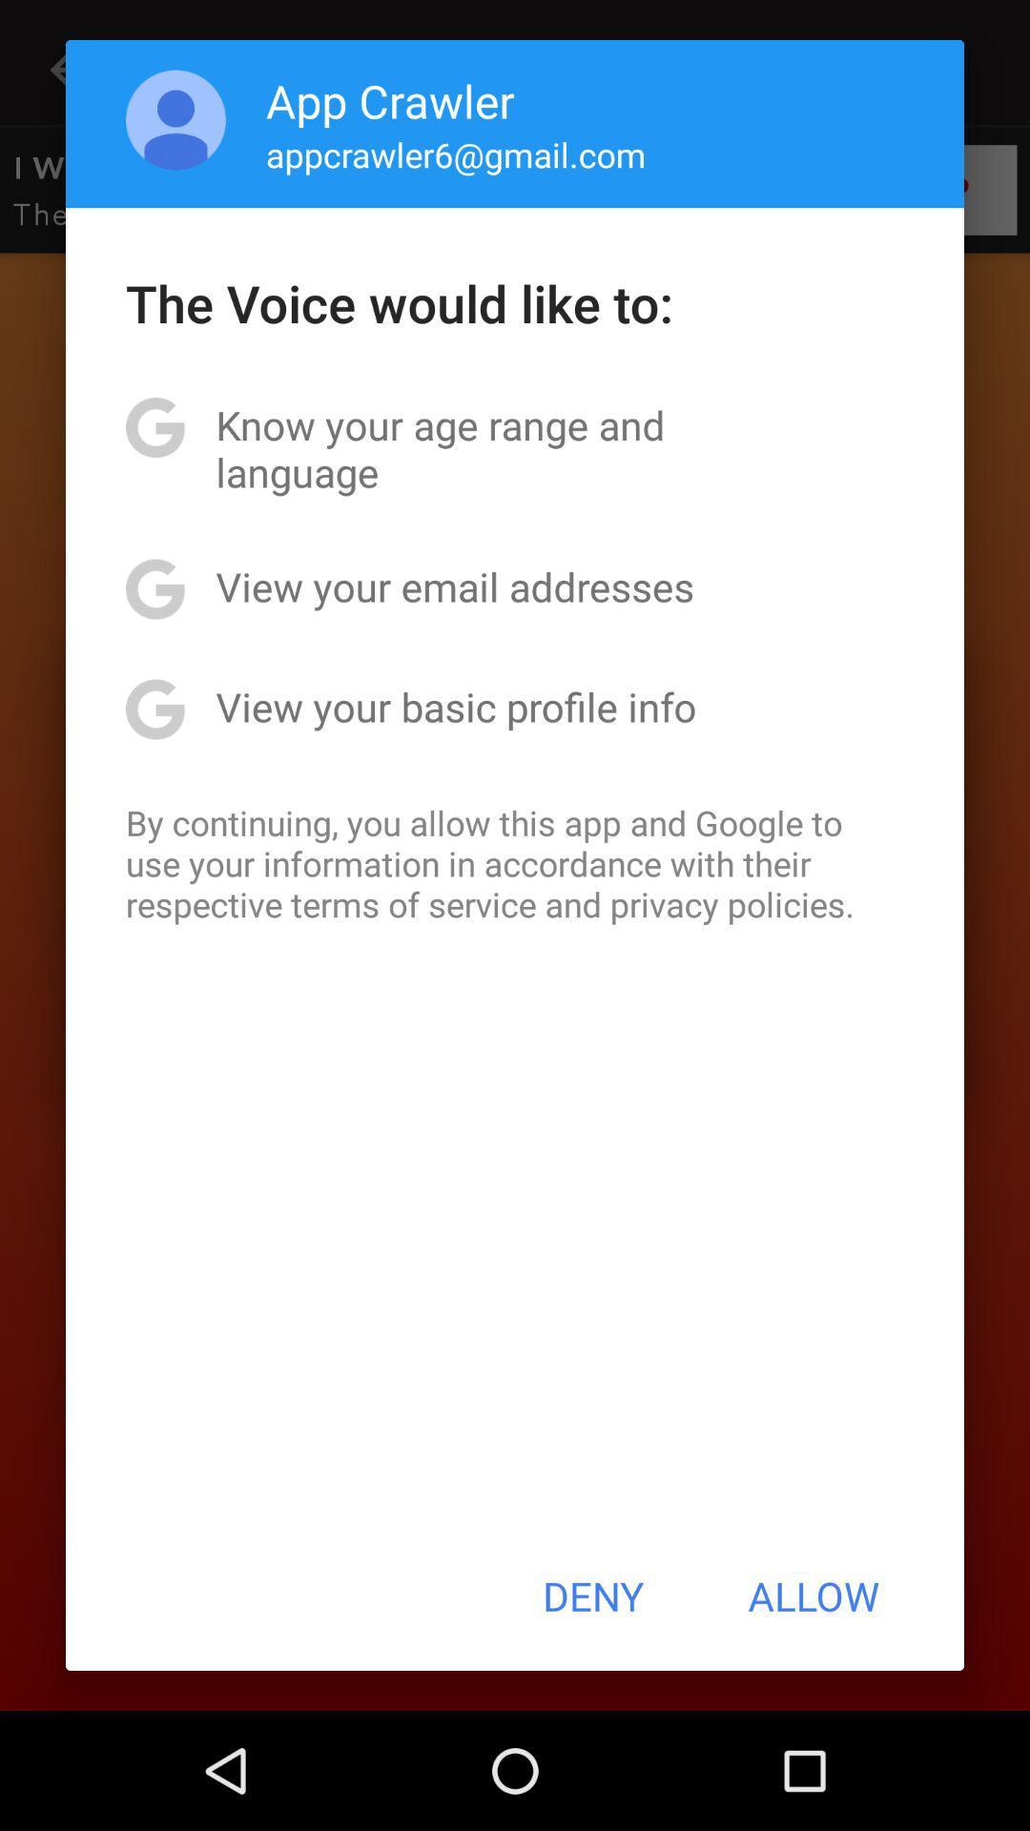 This screenshot has height=1831, width=1030. What do you see at coordinates (515, 447) in the screenshot?
I see `the know your age app` at bounding box center [515, 447].